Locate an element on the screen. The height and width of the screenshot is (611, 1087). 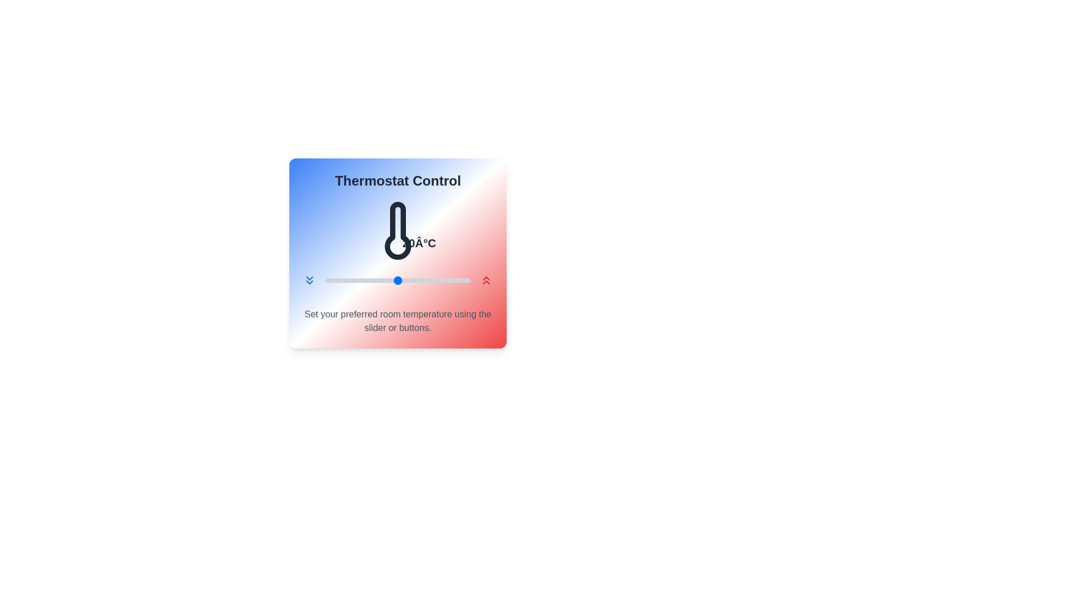
the temperature to 20°C using the slider is located at coordinates (397, 280).